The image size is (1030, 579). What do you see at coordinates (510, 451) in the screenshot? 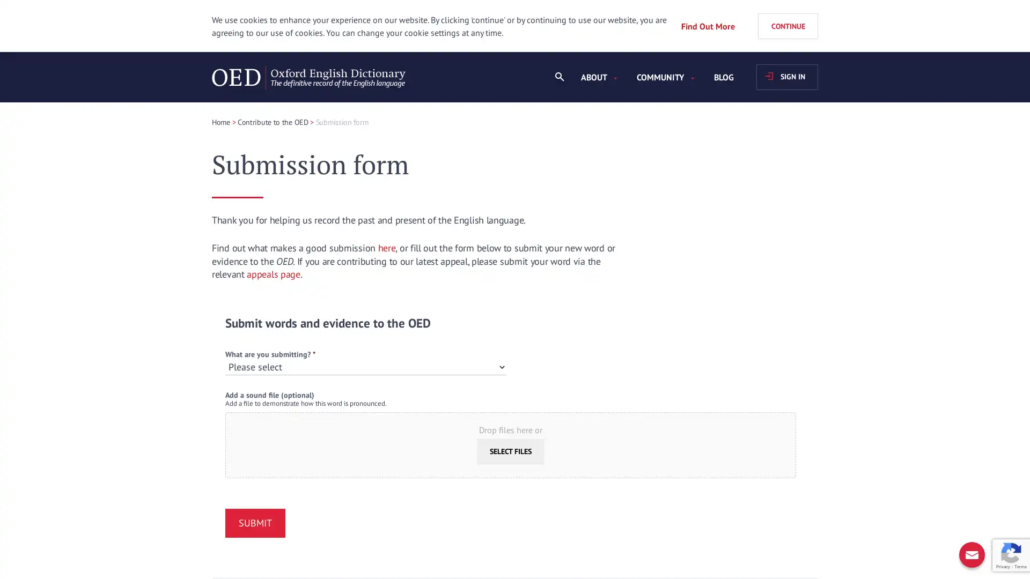
I see `Select files` at bounding box center [510, 451].